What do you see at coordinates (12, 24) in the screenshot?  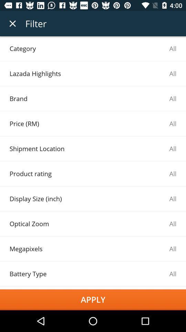 I see `the icon above category item` at bounding box center [12, 24].